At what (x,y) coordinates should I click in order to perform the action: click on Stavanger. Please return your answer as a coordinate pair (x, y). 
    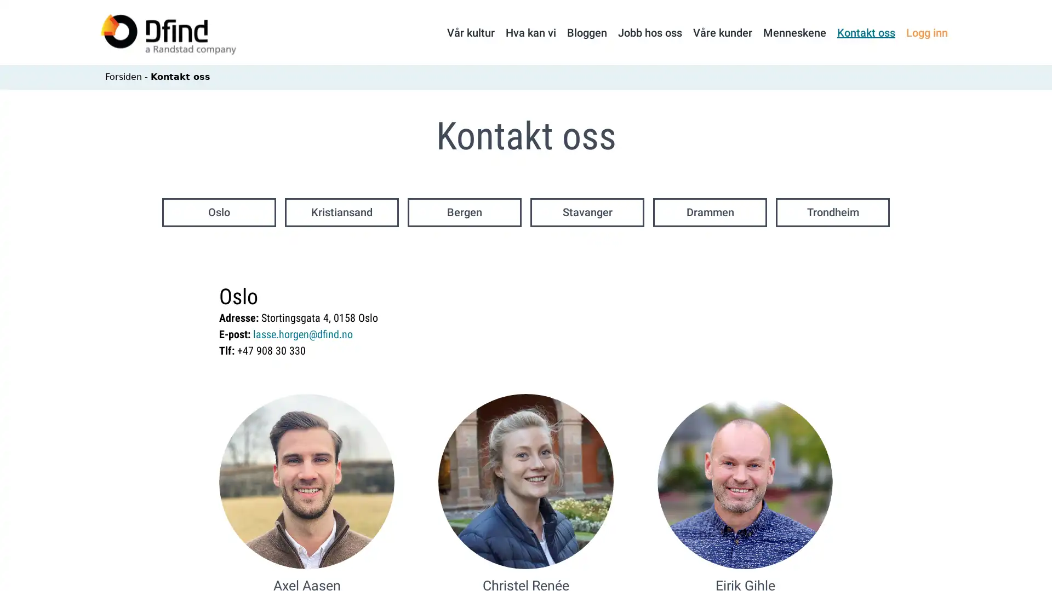
    Looking at the image, I should click on (586, 212).